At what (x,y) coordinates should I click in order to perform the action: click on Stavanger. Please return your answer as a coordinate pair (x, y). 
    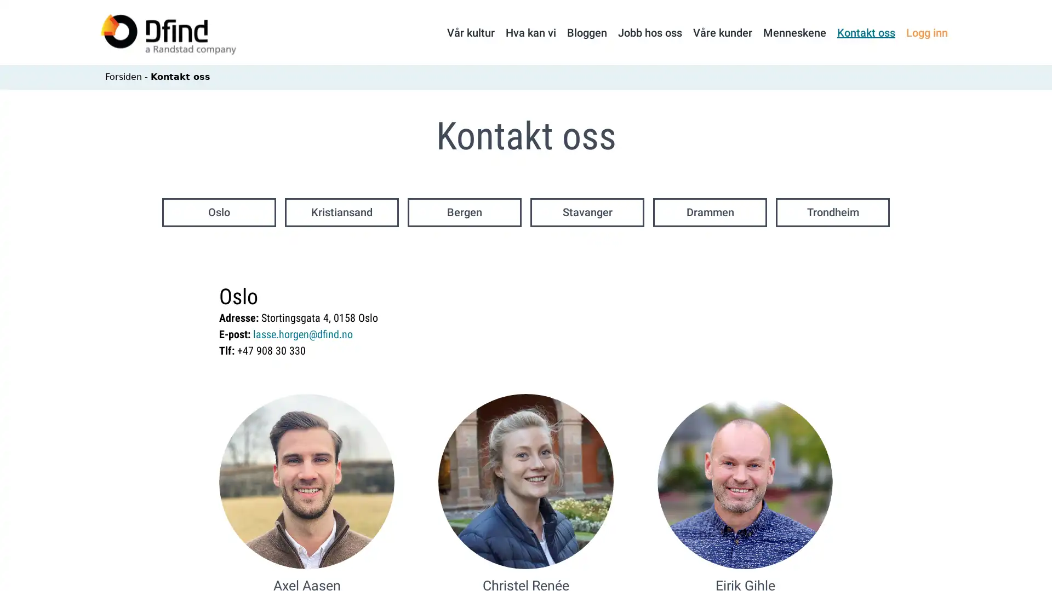
    Looking at the image, I should click on (586, 212).